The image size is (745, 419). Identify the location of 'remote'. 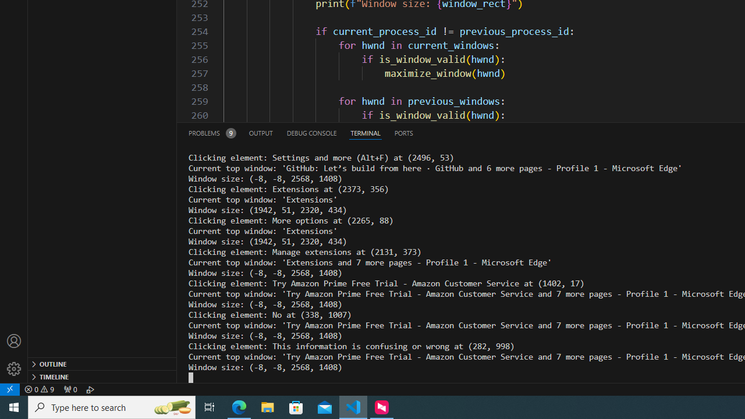
(10, 389).